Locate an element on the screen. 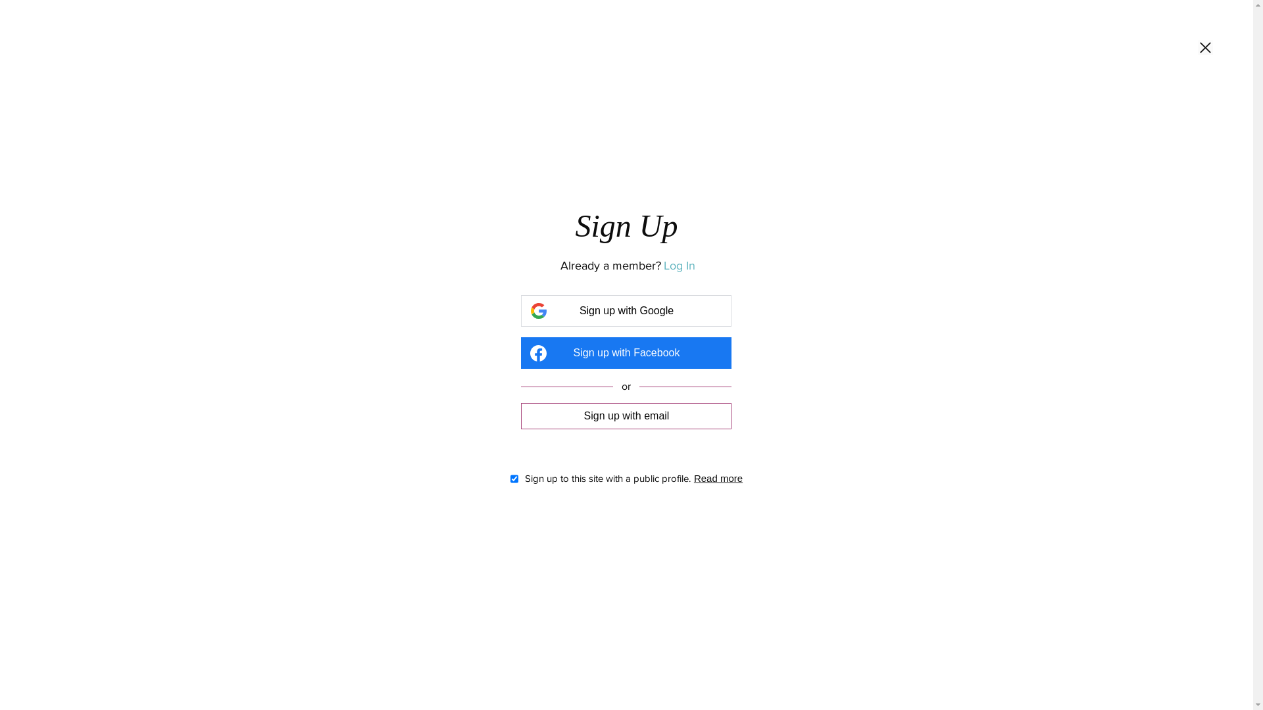 Image resolution: width=1263 pixels, height=710 pixels. 'Sign up with Google' is located at coordinates (625, 311).